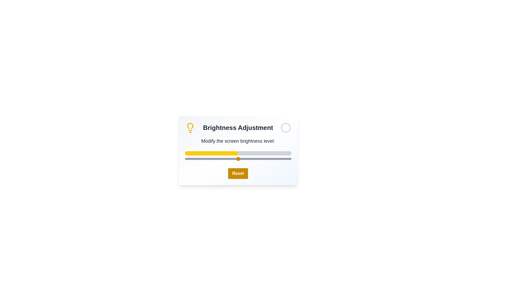  What do you see at coordinates (190, 128) in the screenshot?
I see `the lightbulb icon to observe its effect` at bounding box center [190, 128].